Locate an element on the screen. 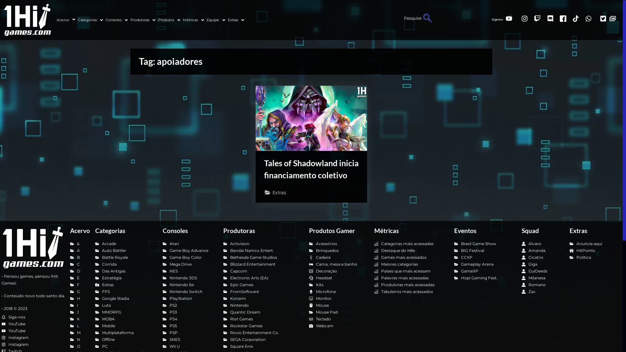 This screenshot has width=626, height=352. 'N' is located at coordinates (79, 339).